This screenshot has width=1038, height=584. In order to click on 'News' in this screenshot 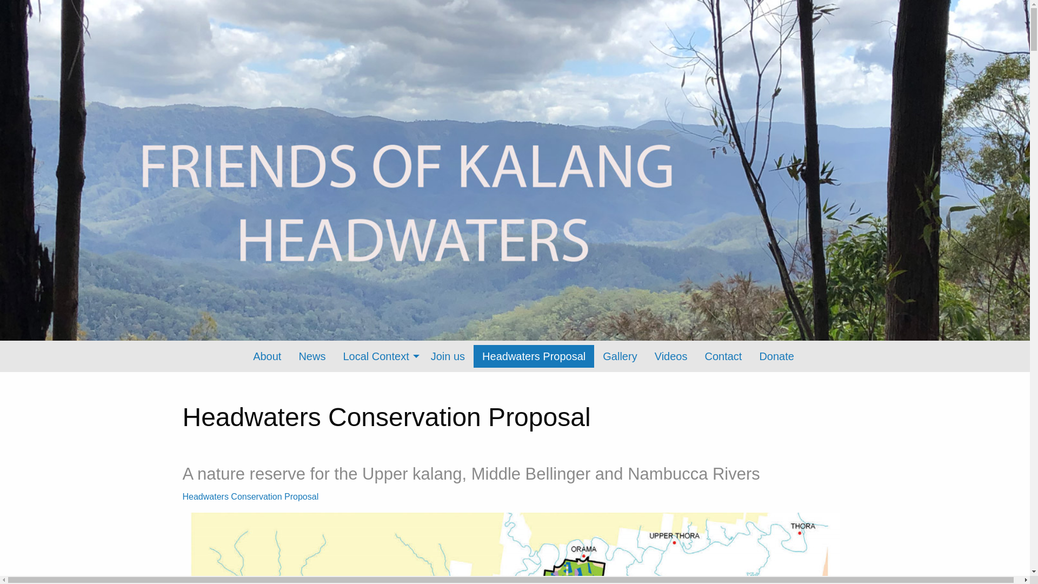, I will do `click(290, 356)`.